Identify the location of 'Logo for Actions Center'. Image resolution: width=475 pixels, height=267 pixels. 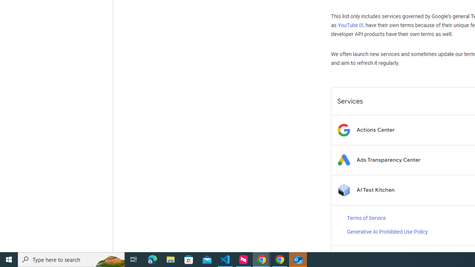
(343, 129).